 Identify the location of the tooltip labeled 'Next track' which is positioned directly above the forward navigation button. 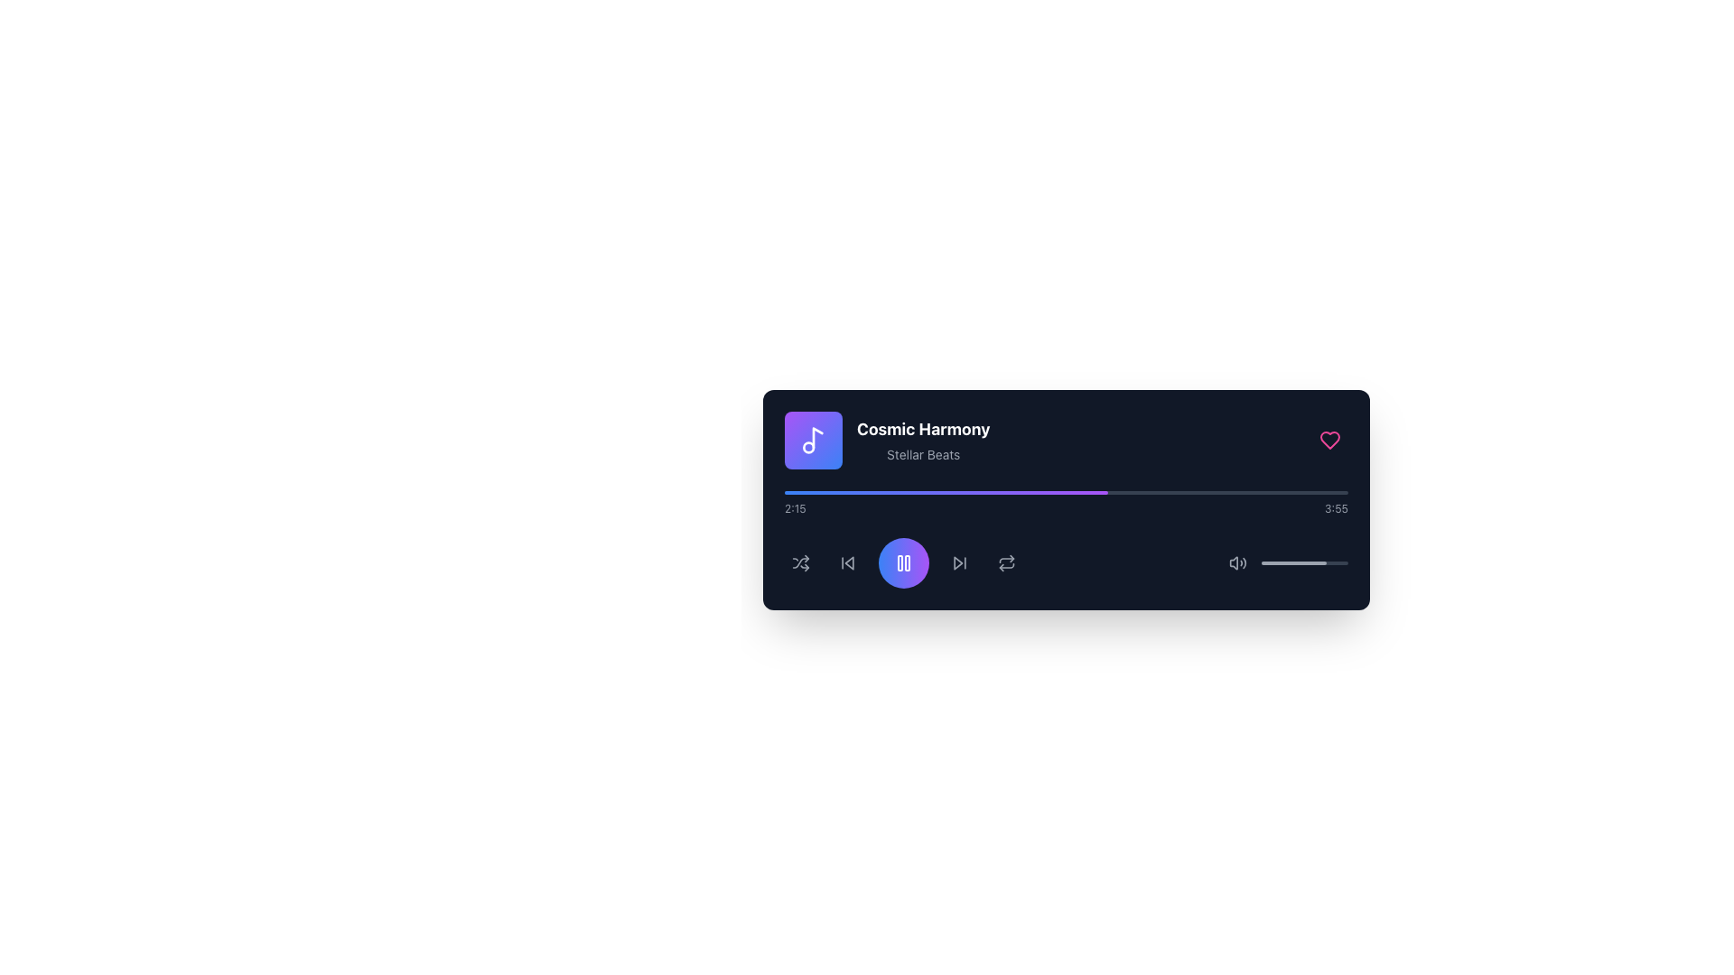
(958, 532).